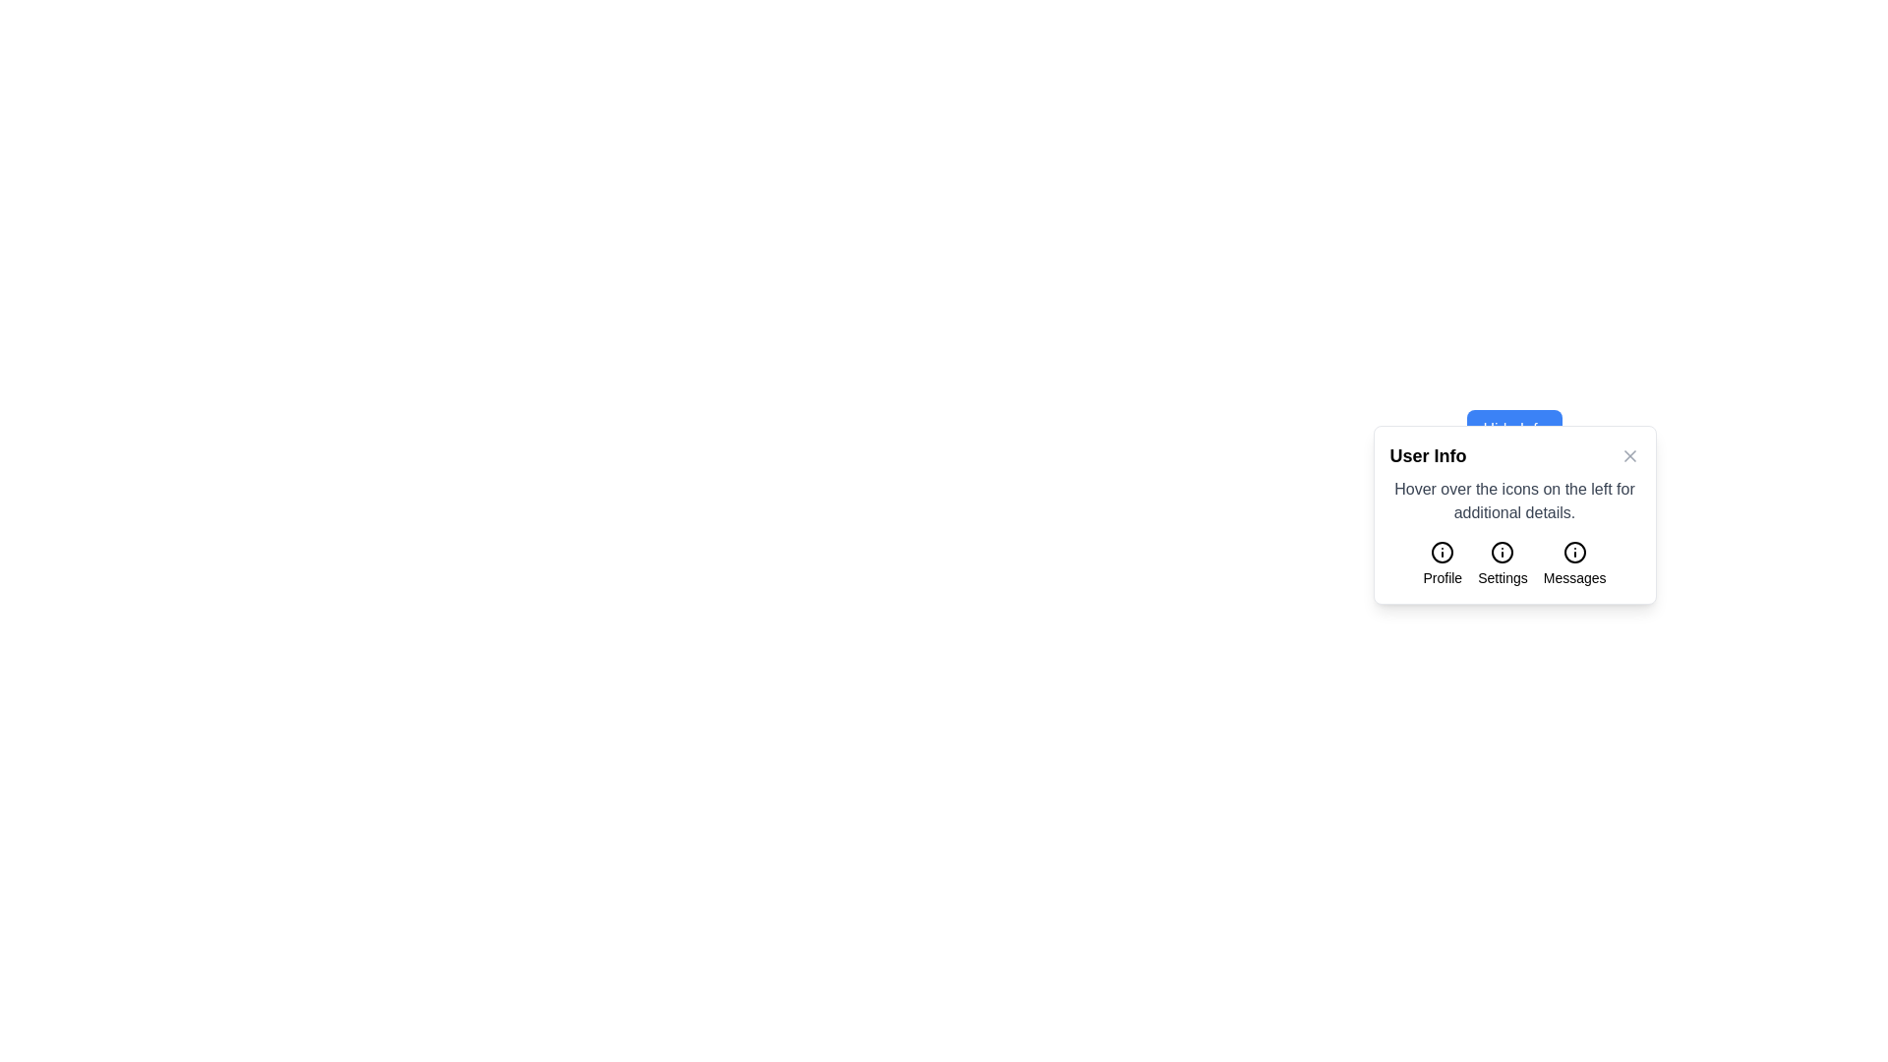  I want to click on the clickable navigation item representing 'Profile', which consists of an information icon and a text label aligned vertically, so click(1443, 564).